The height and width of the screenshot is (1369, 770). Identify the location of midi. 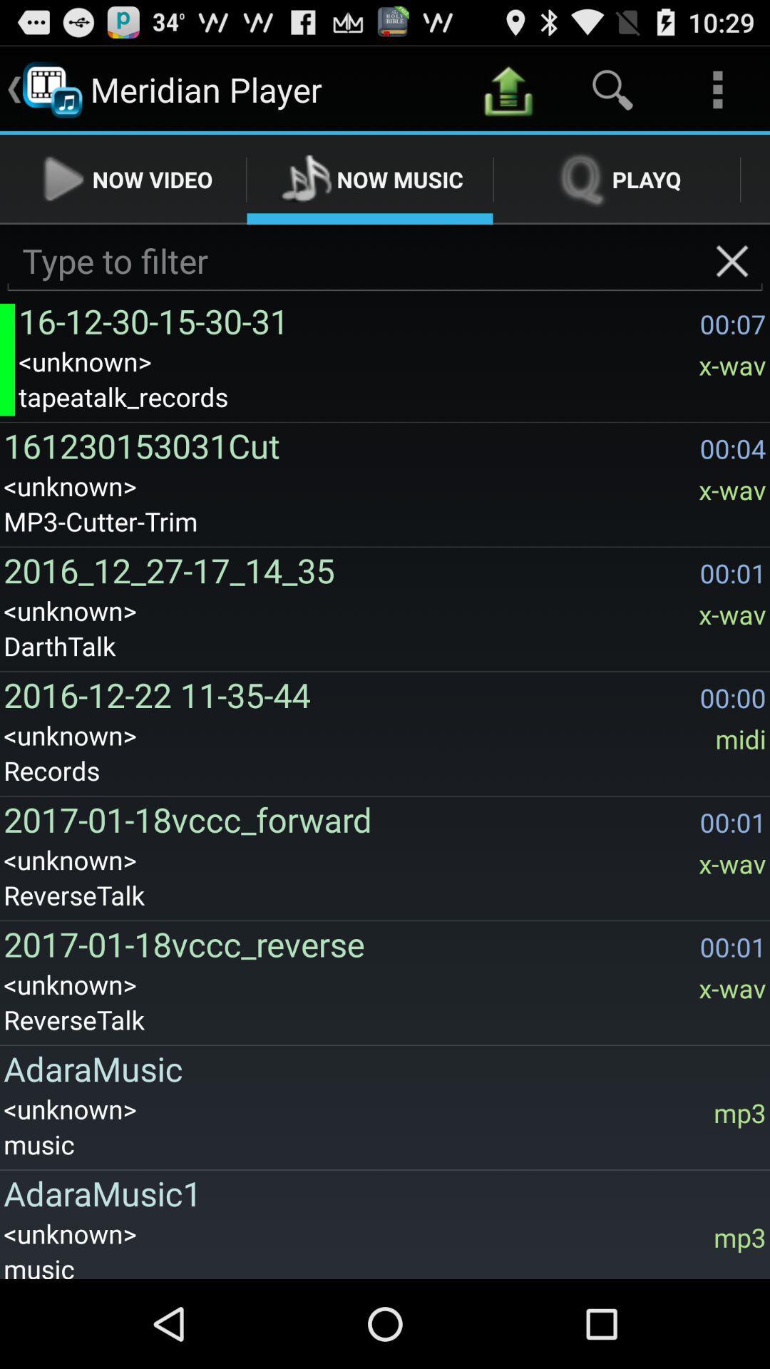
(740, 739).